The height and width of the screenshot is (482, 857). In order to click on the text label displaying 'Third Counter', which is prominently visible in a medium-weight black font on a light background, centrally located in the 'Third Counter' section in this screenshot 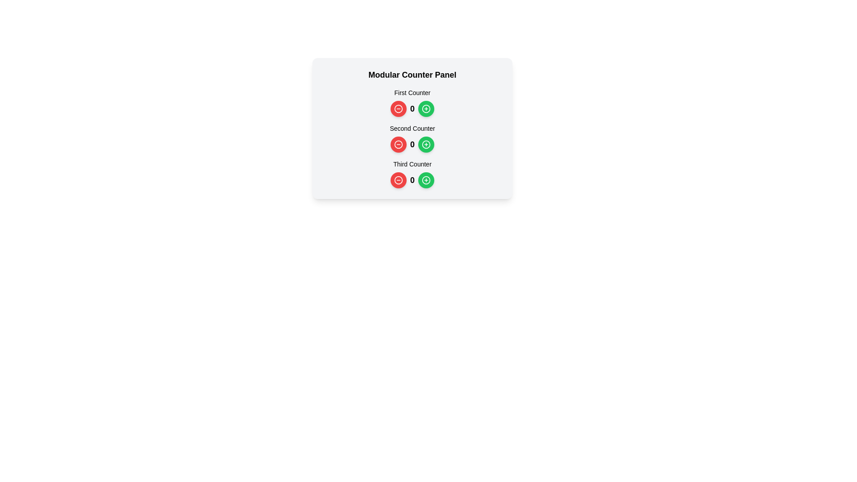, I will do `click(412, 164)`.